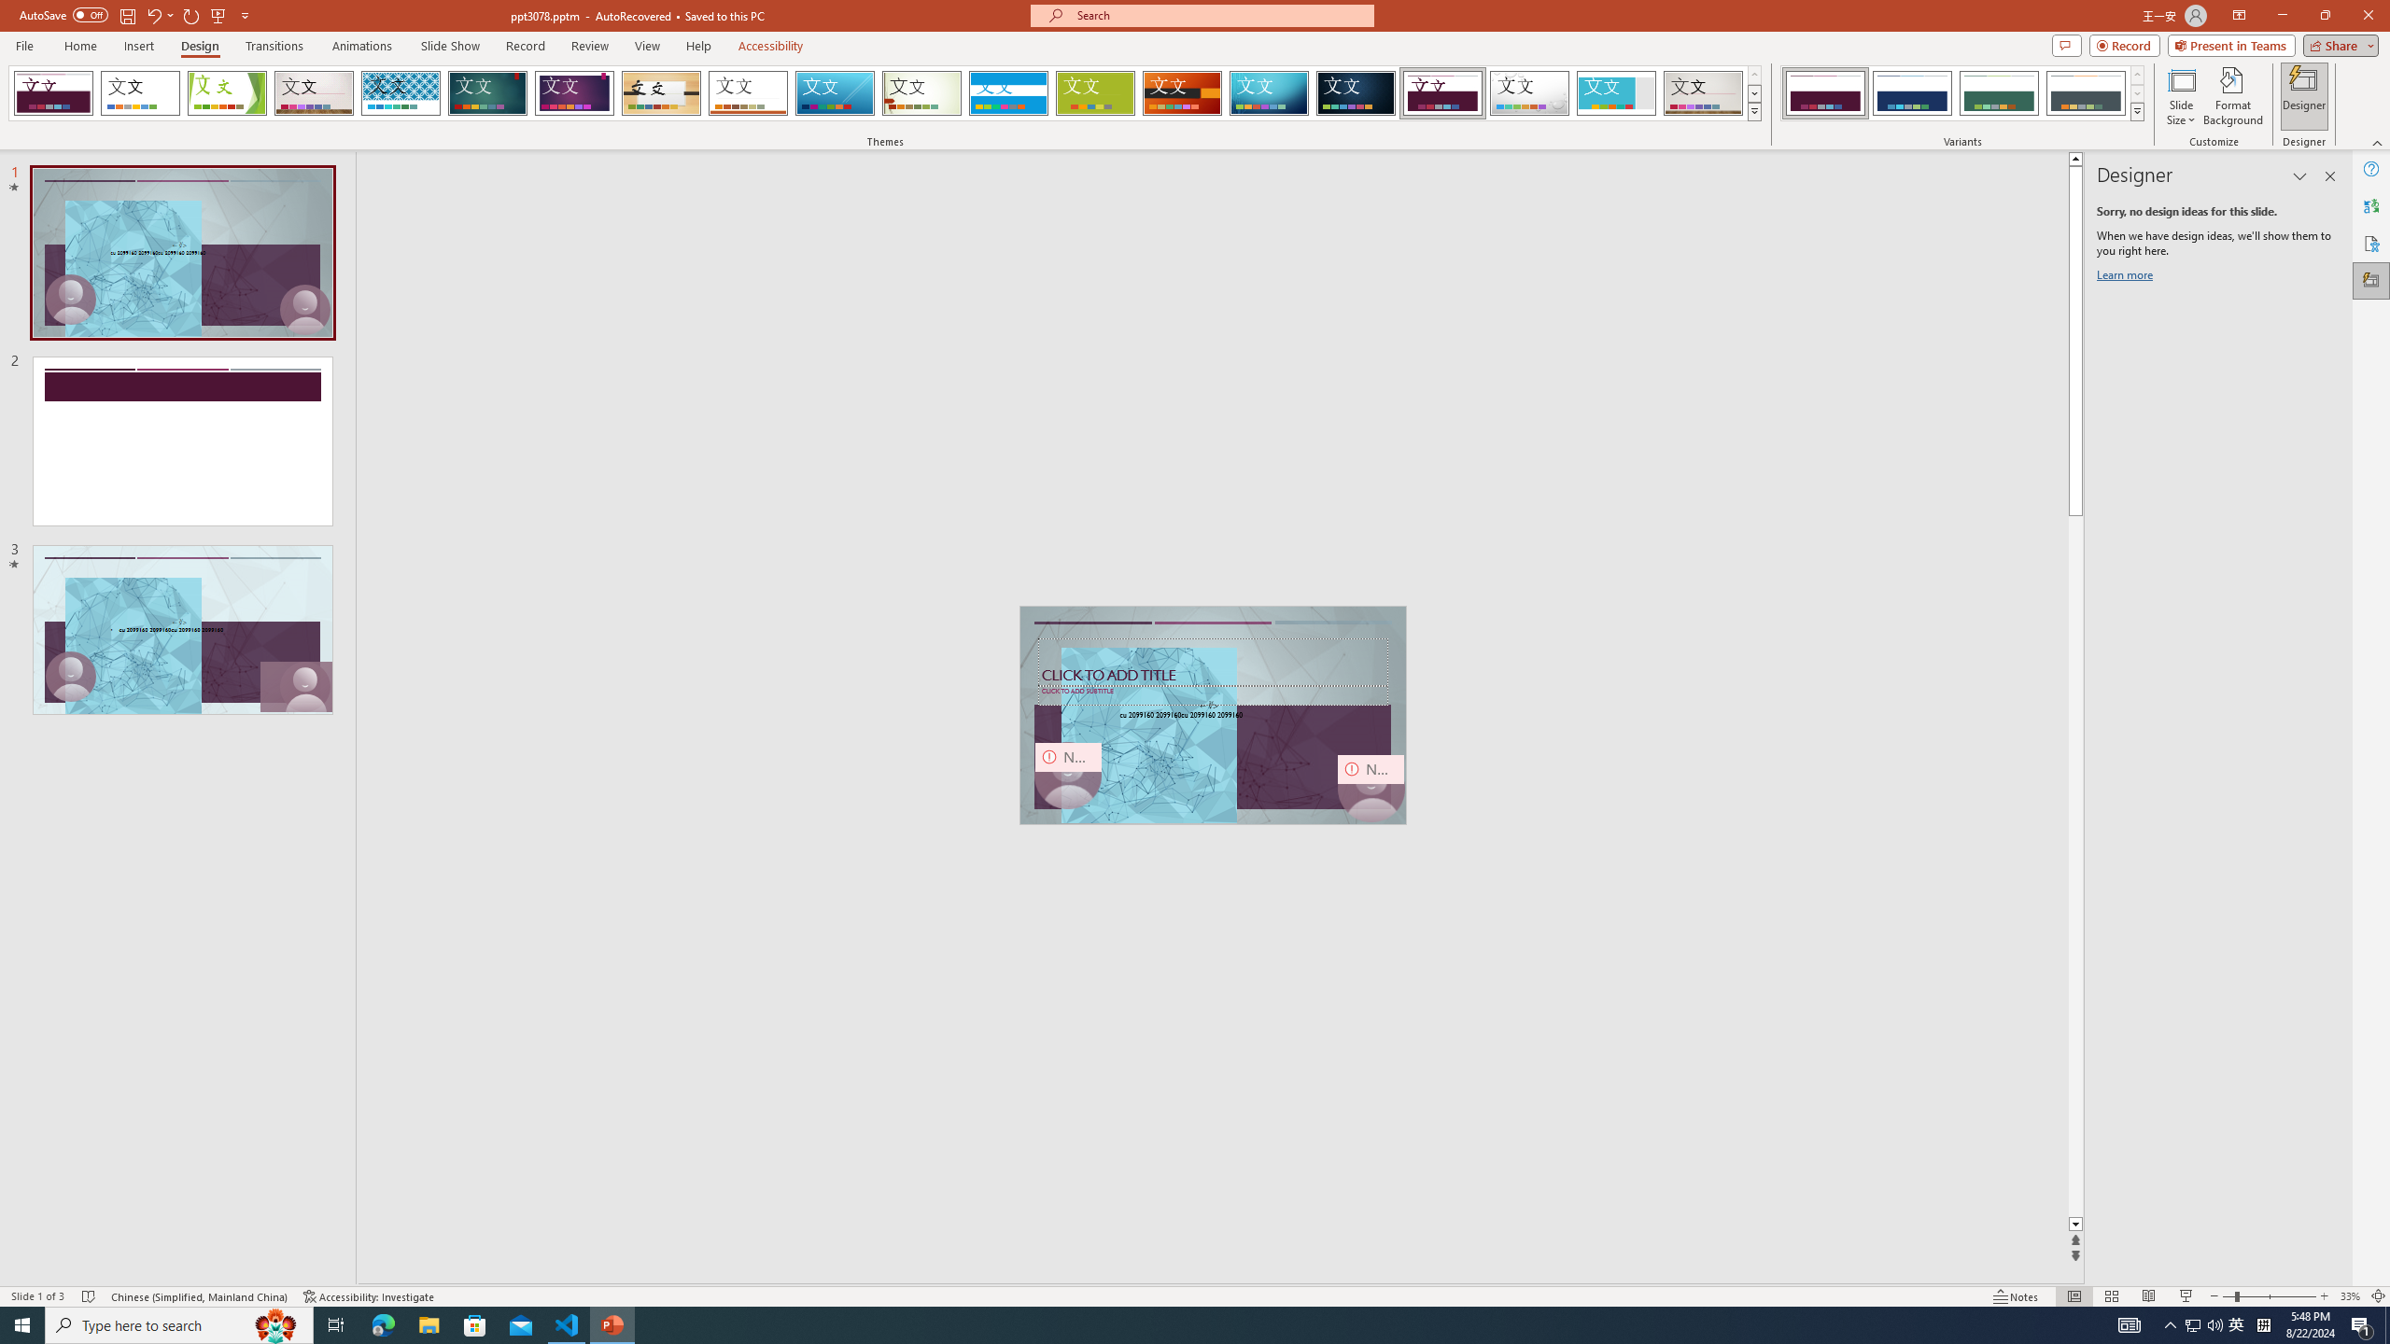 This screenshot has height=1344, width=2390. Describe the element at coordinates (1213, 714) in the screenshot. I see `'An abstract genetic concept'` at that location.